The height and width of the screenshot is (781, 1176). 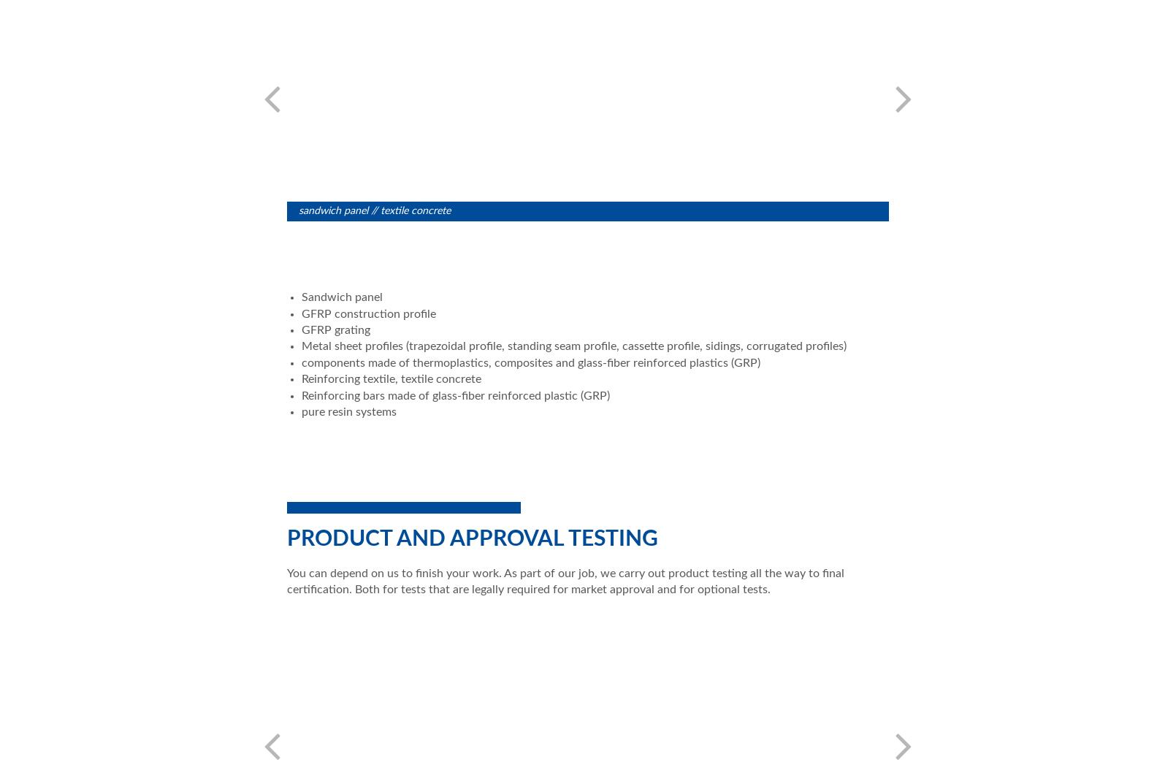 What do you see at coordinates (573, 345) in the screenshot?
I see `'Metal sheet profiles (trapezoidal profile, standing seam profile, cassette profile, sidings, corrugated profiles)'` at bounding box center [573, 345].